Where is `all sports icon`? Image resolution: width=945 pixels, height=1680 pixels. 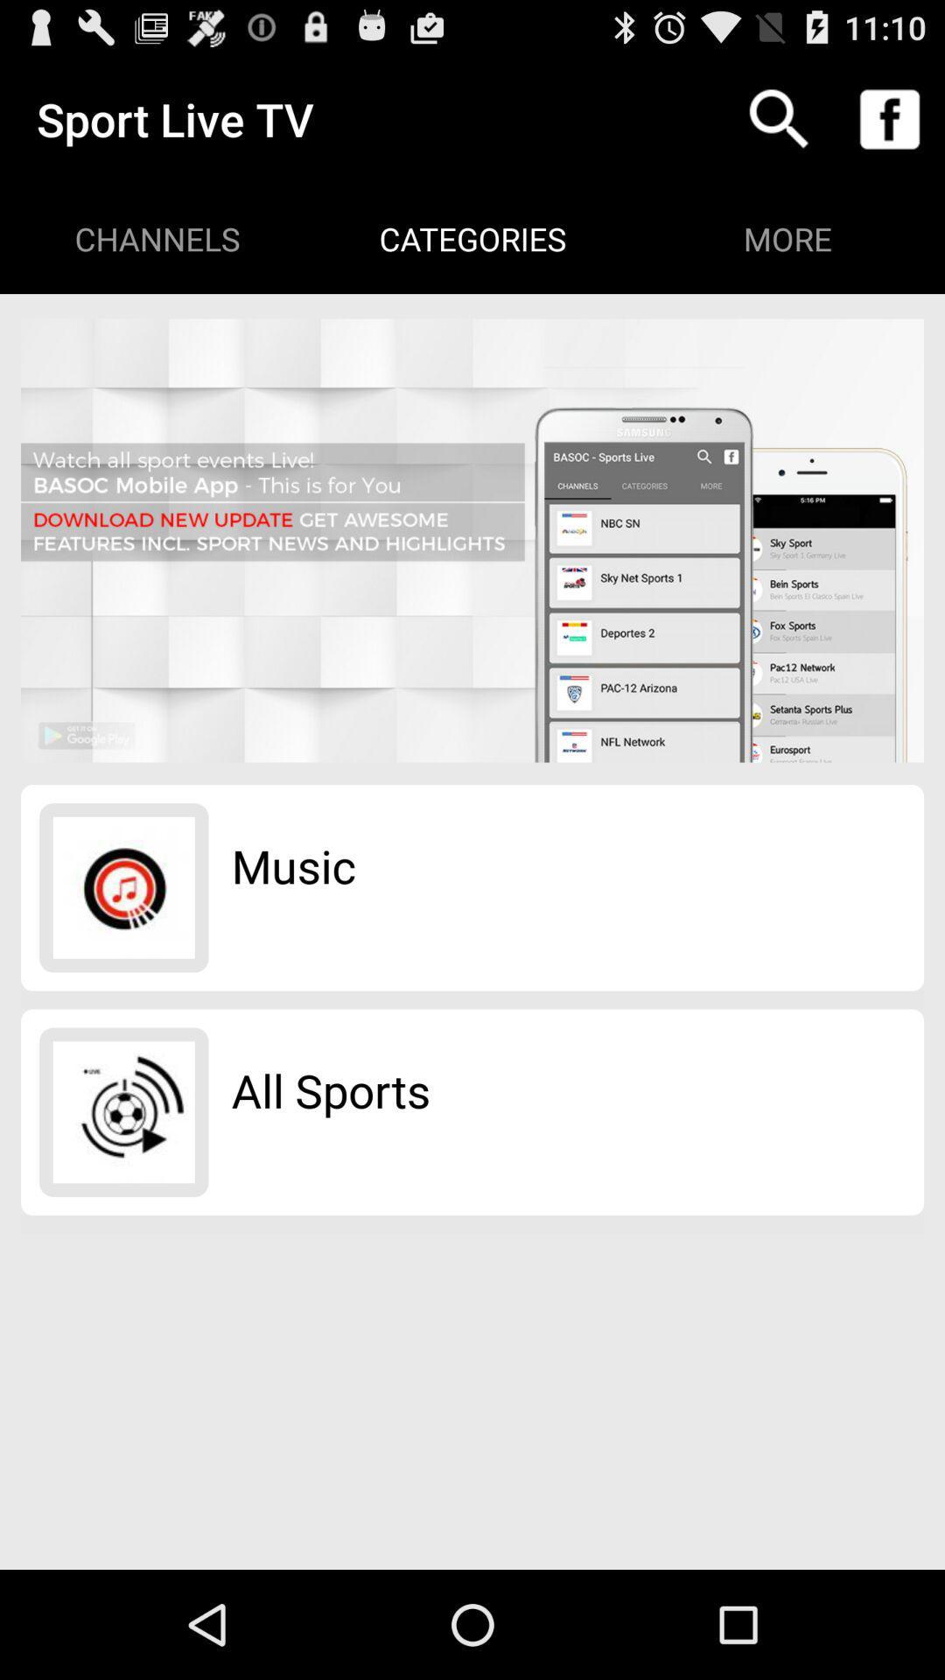 all sports icon is located at coordinates (331, 1089).